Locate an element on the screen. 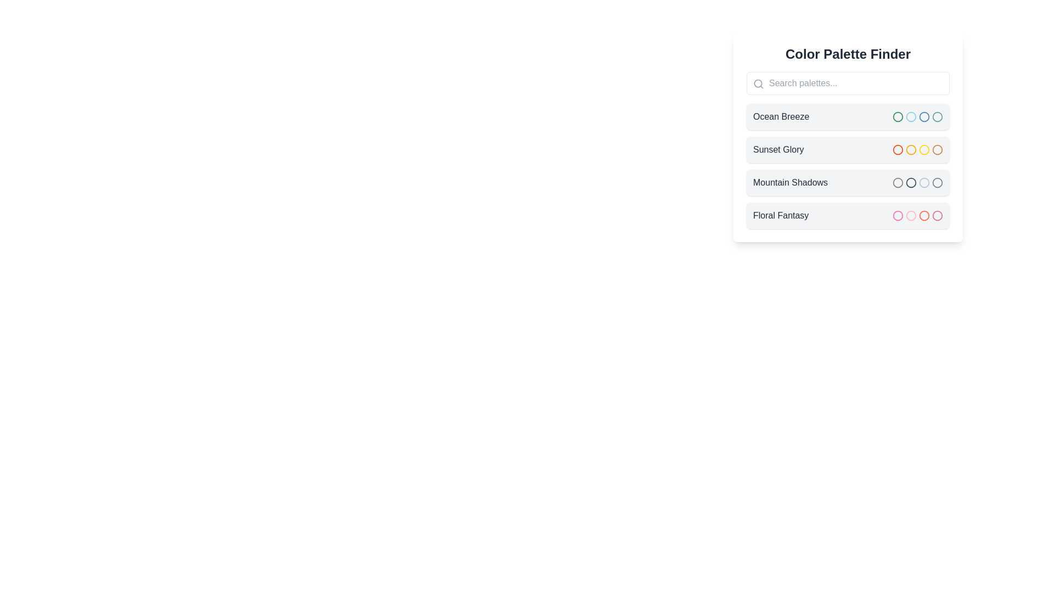 The image size is (1054, 593). the fourth circle icon is located at coordinates (924, 216).